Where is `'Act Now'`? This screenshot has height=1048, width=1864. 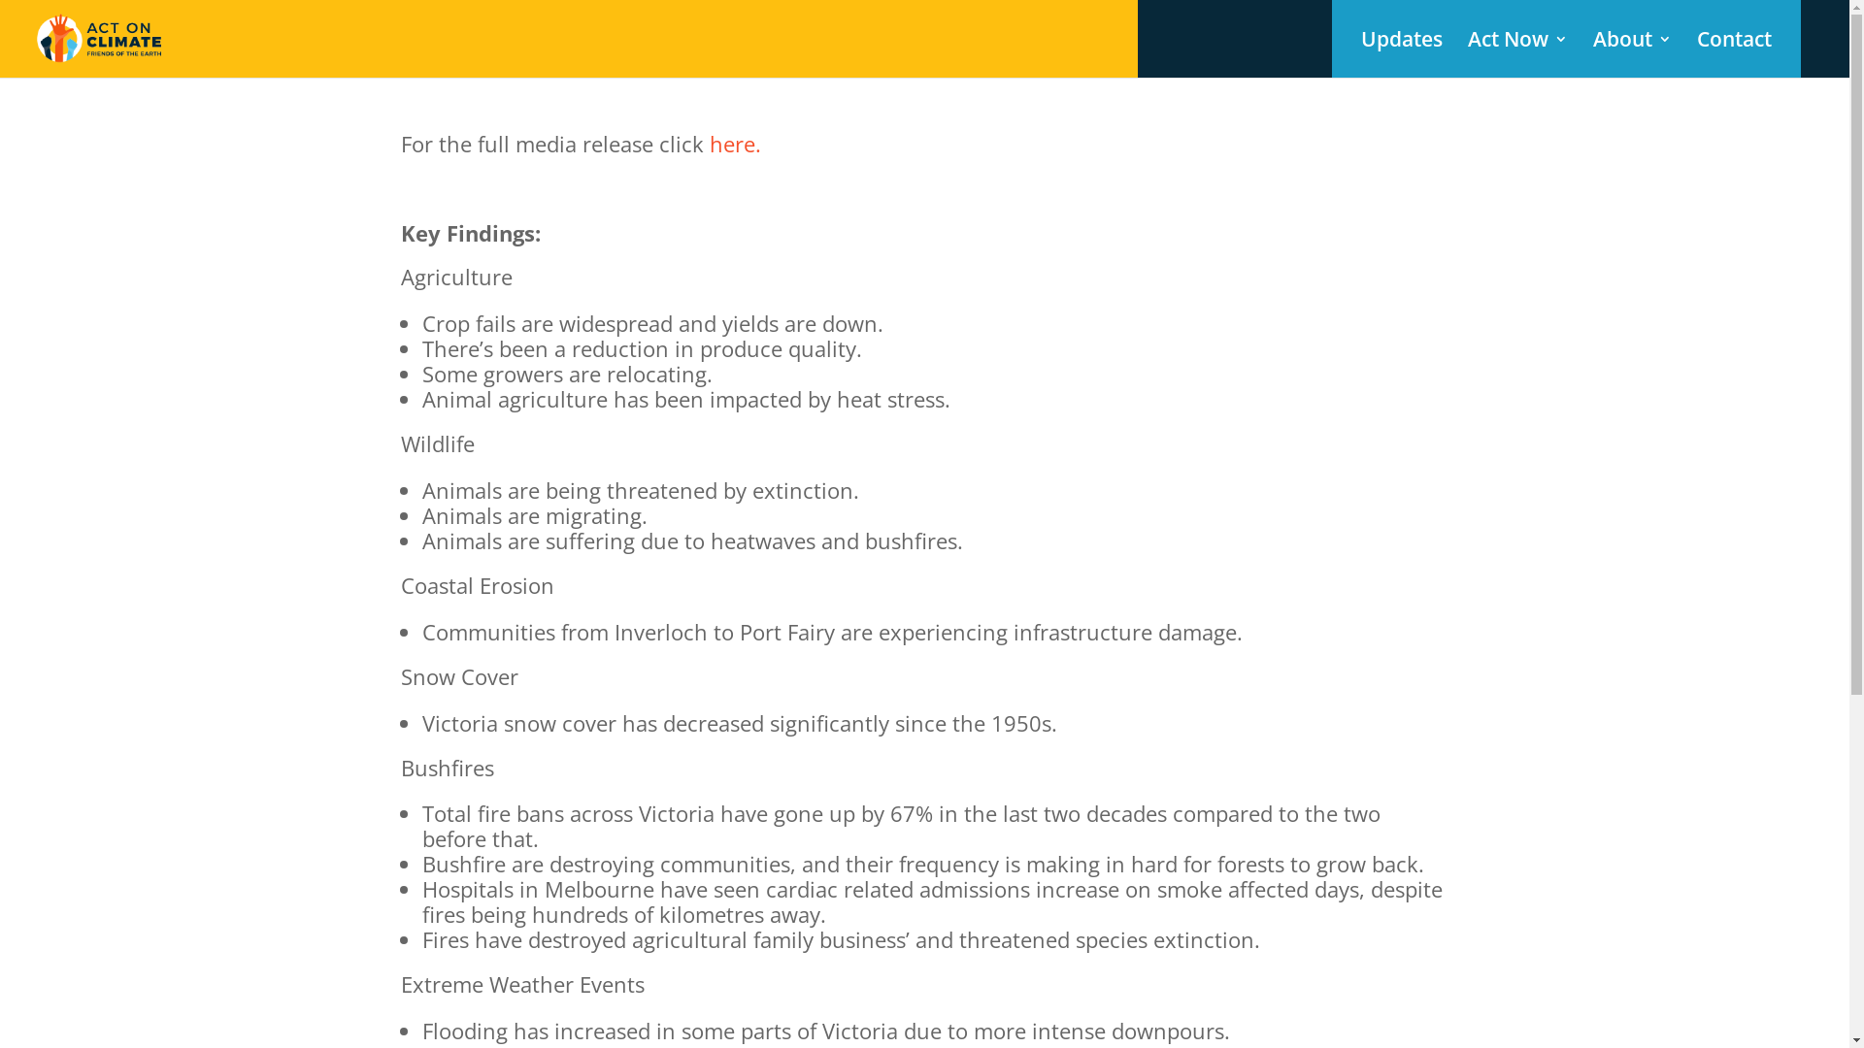
'Act Now' is located at coordinates (1468, 53).